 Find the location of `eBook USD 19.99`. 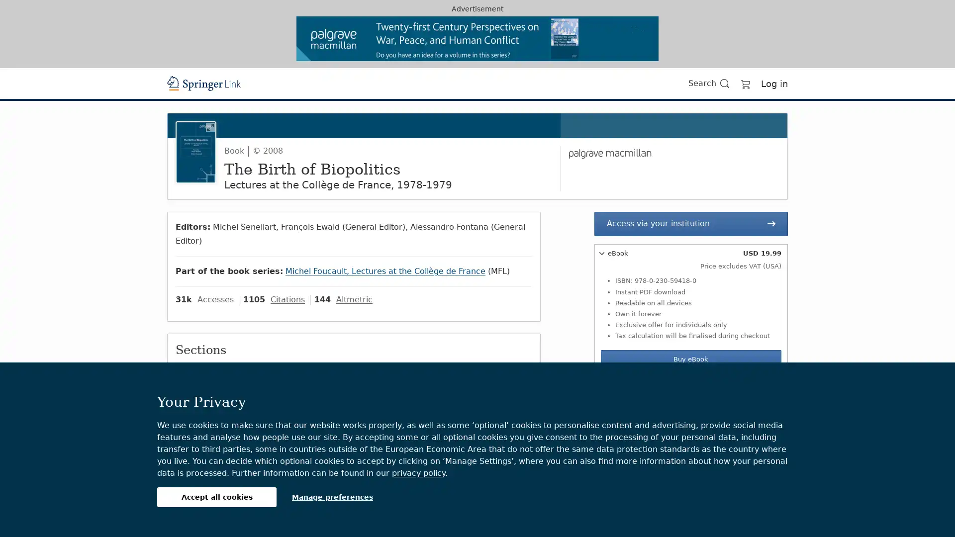

eBook USD 19.99 is located at coordinates (690, 253).